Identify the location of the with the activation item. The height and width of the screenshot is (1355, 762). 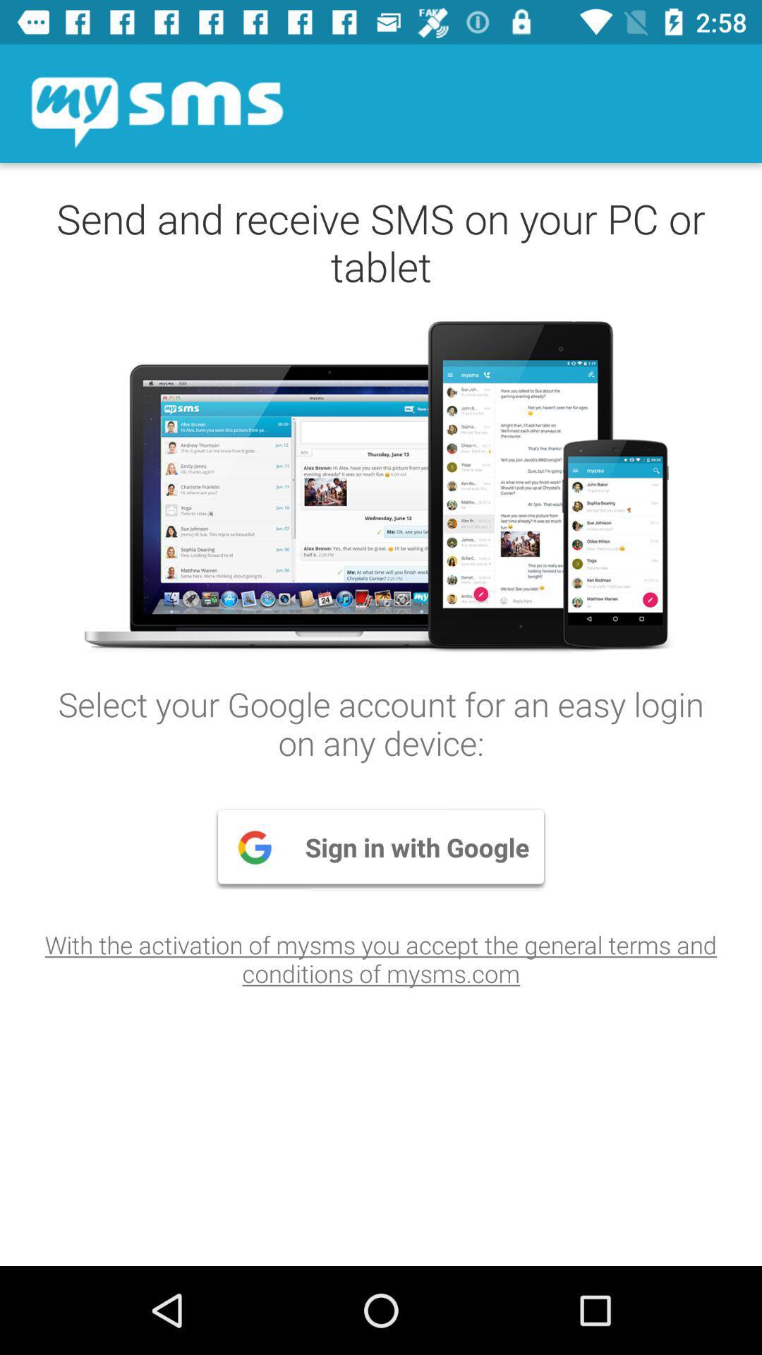
(381, 958).